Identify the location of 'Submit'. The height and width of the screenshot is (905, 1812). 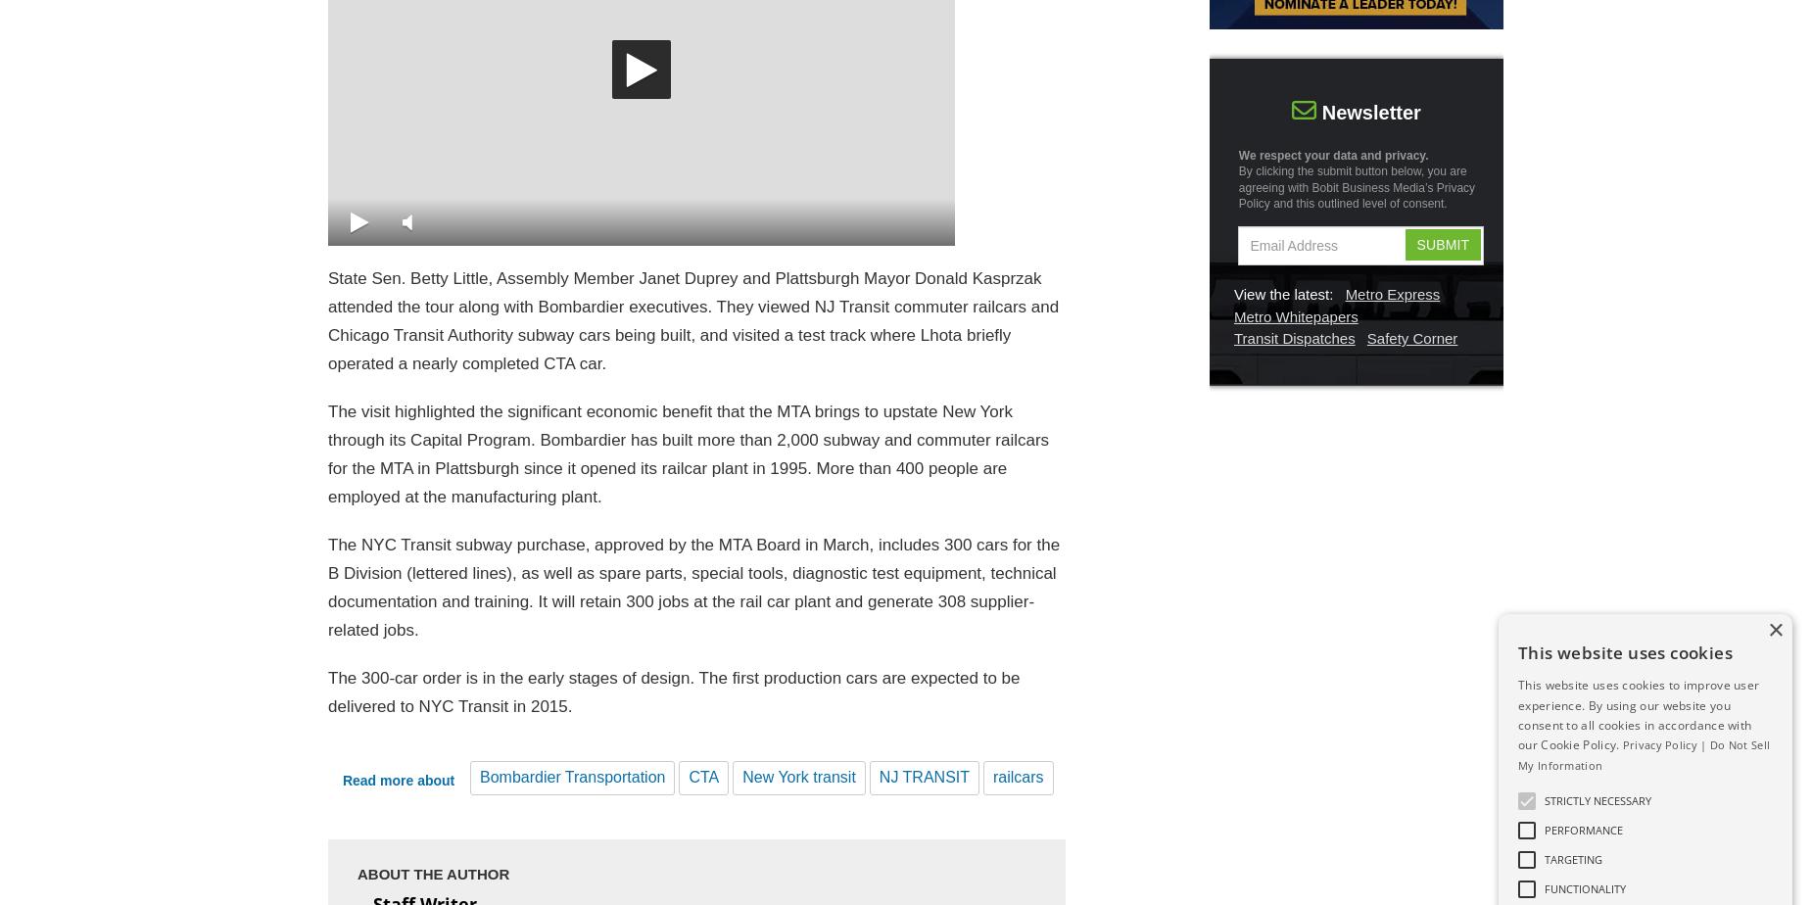
(1442, 244).